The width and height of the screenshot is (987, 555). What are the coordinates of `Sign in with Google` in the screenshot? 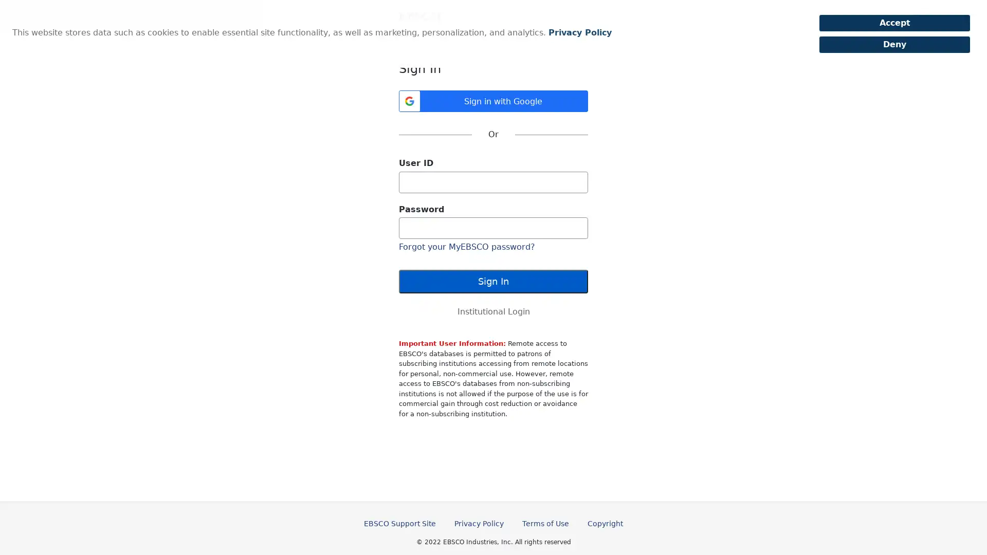 It's located at (493, 101).